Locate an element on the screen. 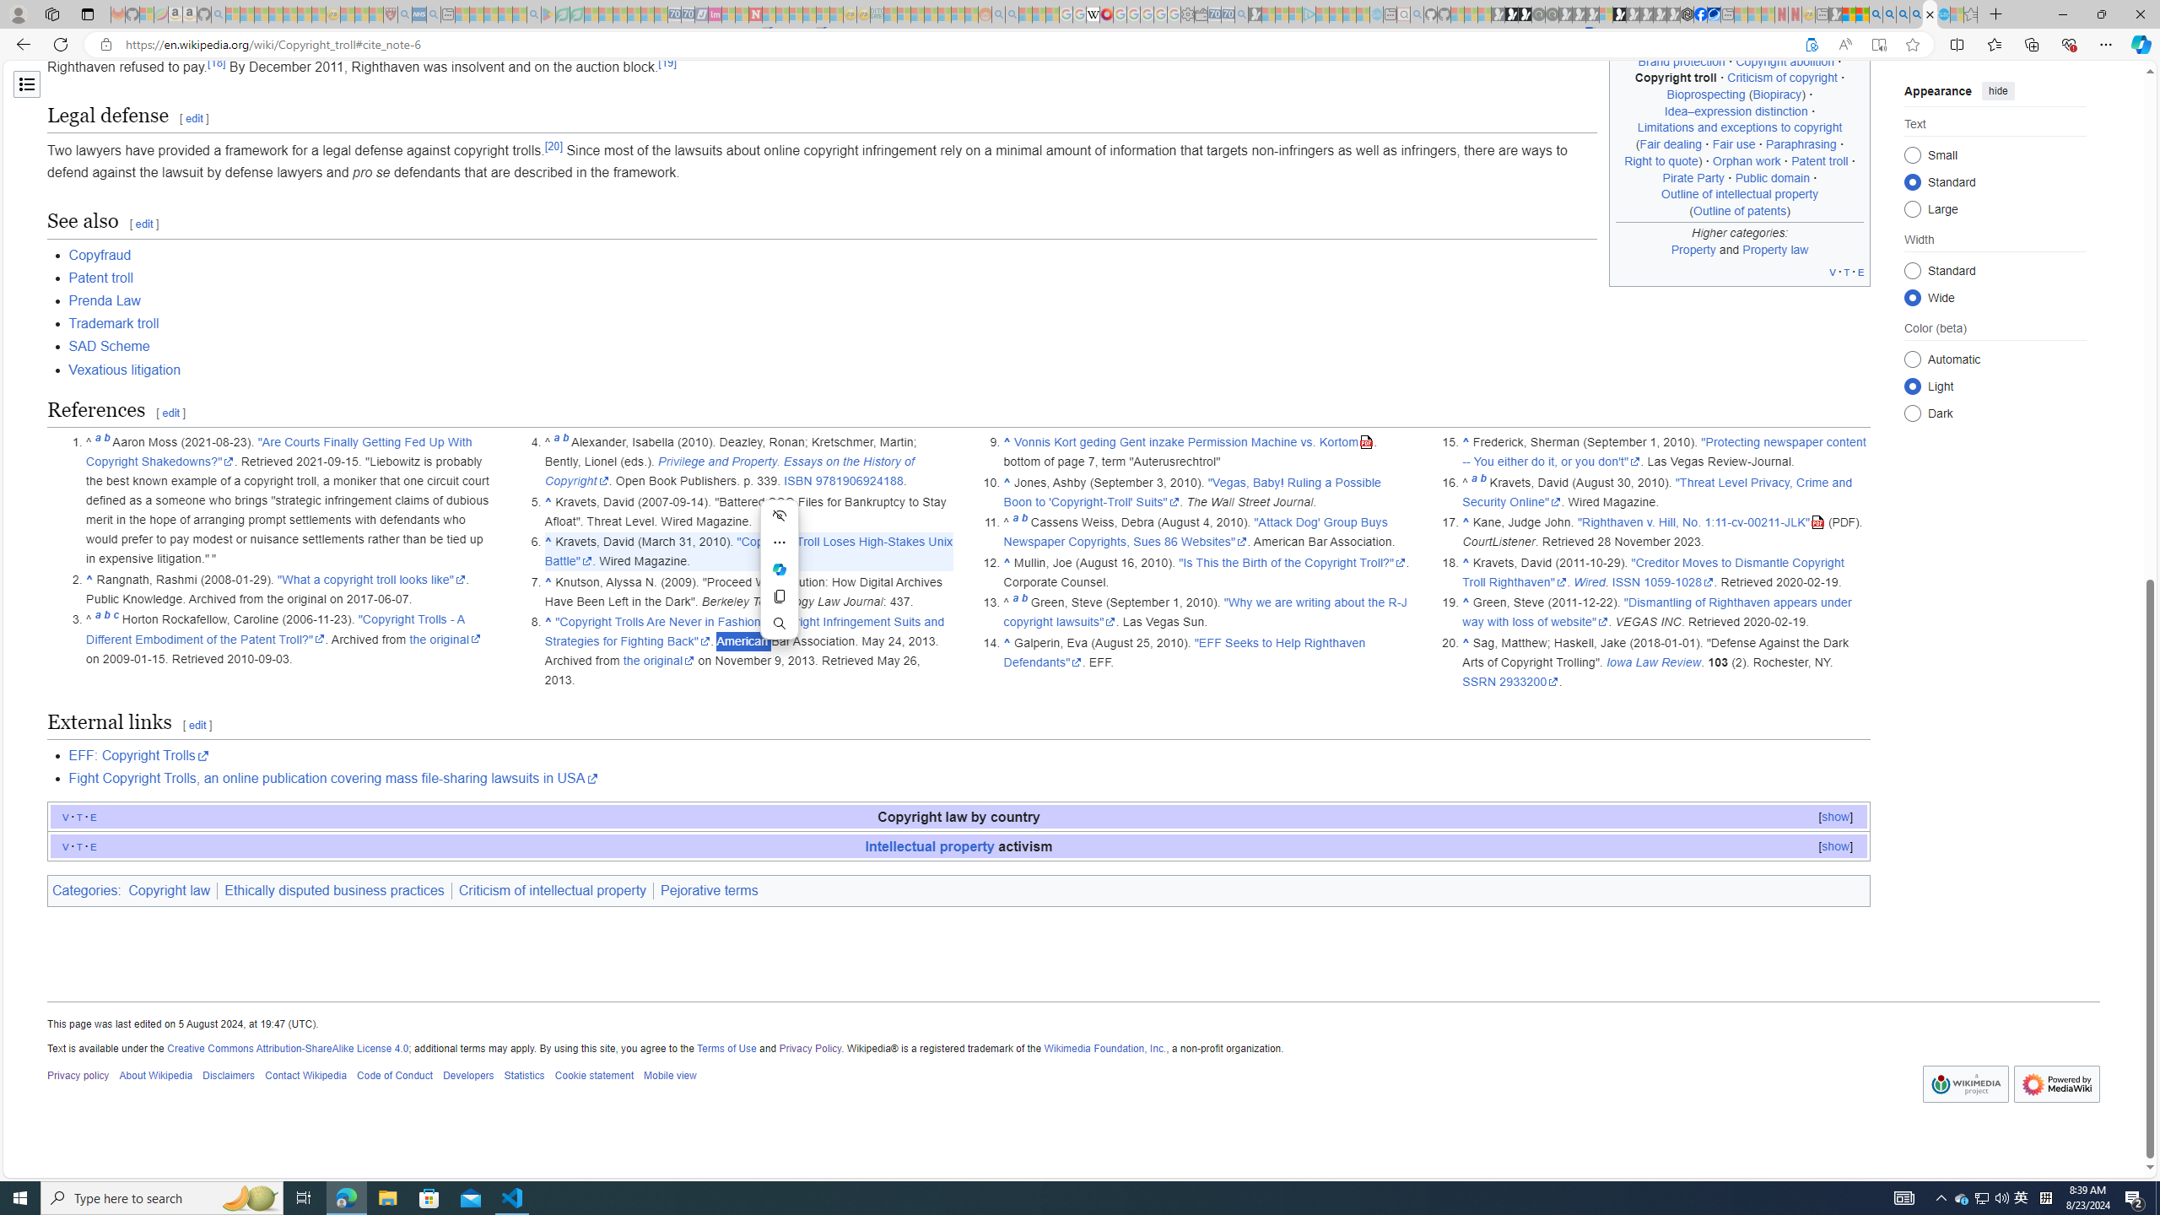  'Local - MSN - Sleeping' is located at coordinates (375, 13).